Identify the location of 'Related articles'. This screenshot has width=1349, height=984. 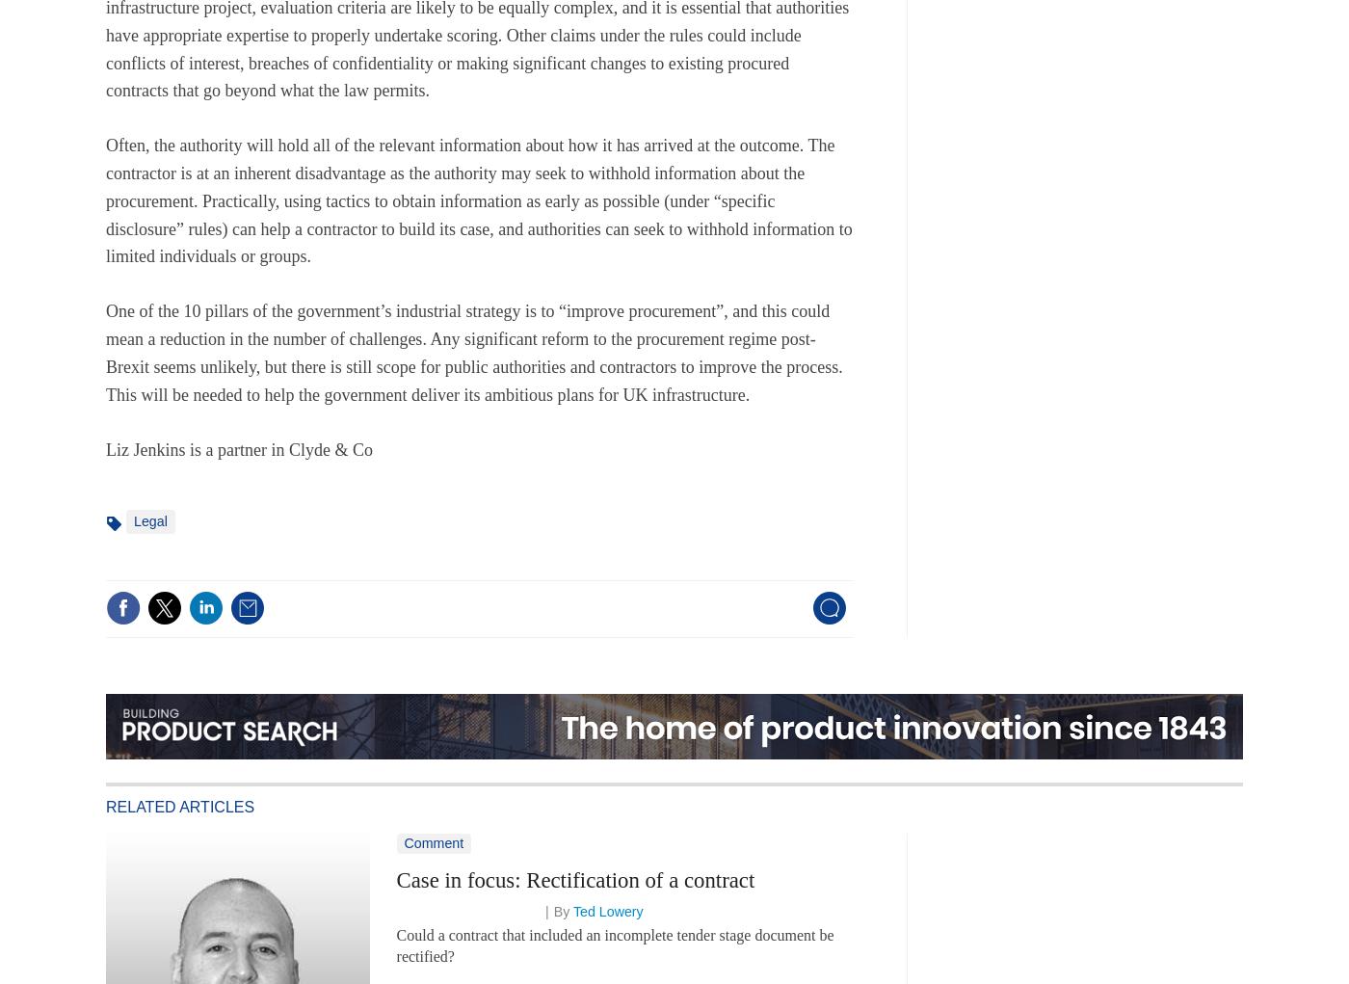
(180, 807).